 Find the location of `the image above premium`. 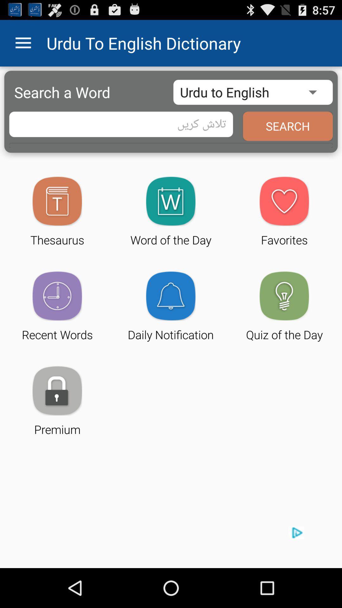

the image above premium is located at coordinates (57, 390).